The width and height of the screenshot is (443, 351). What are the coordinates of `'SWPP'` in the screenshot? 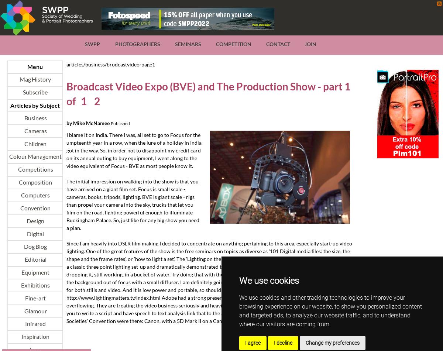 It's located at (92, 44).